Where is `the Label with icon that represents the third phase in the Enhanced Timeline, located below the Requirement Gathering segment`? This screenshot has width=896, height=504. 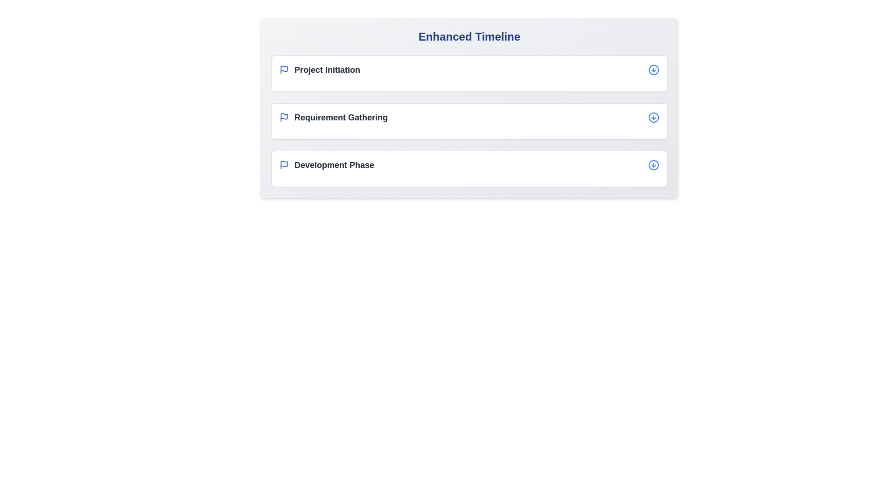 the Label with icon that represents the third phase in the Enhanced Timeline, located below the Requirement Gathering segment is located at coordinates (327, 165).